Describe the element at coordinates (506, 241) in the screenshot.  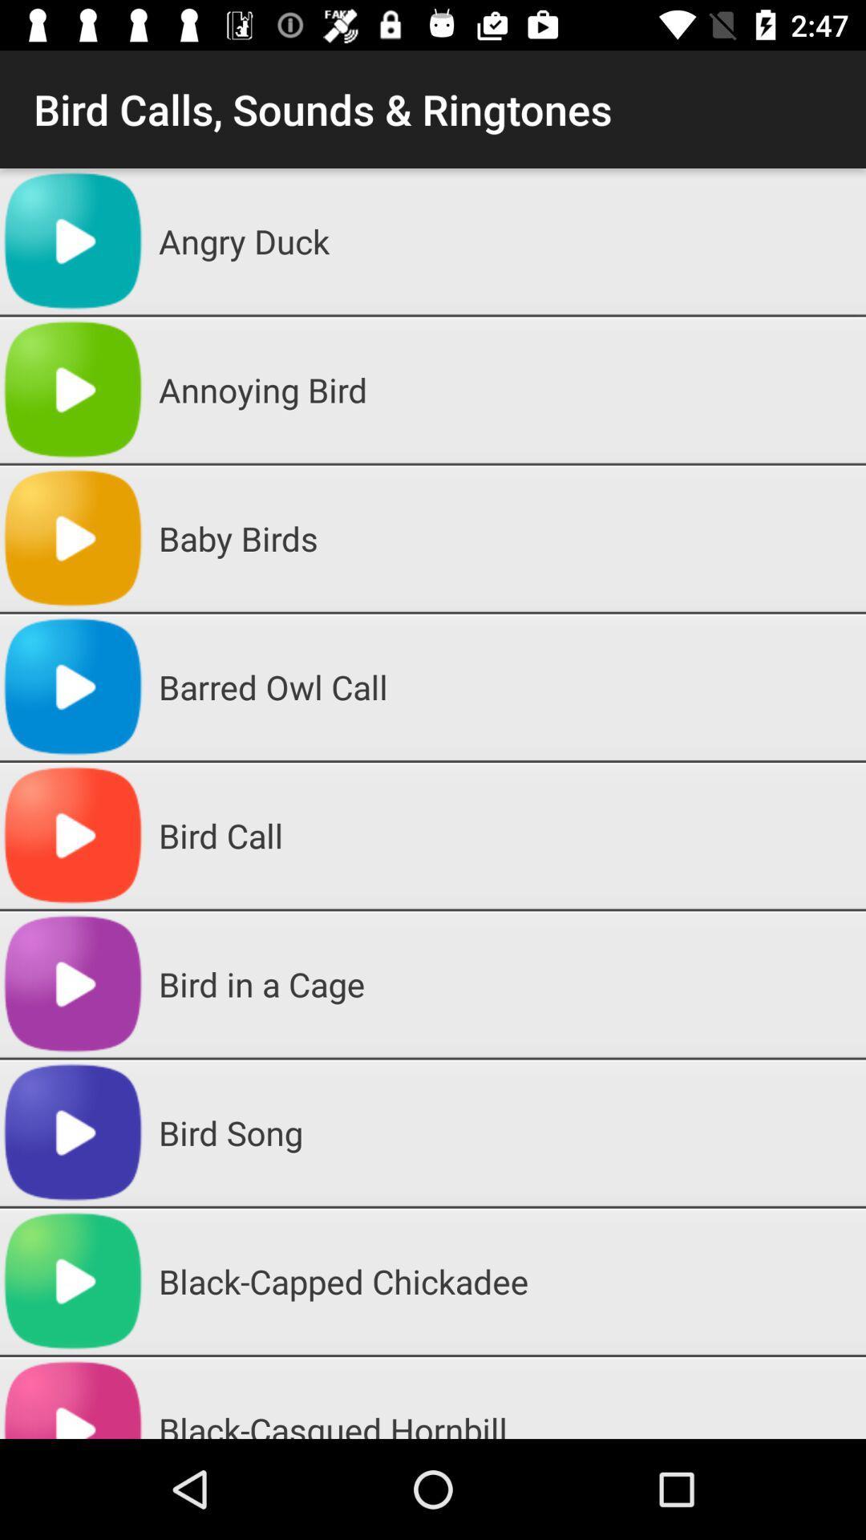
I see `app below bird calls sounds item` at that location.